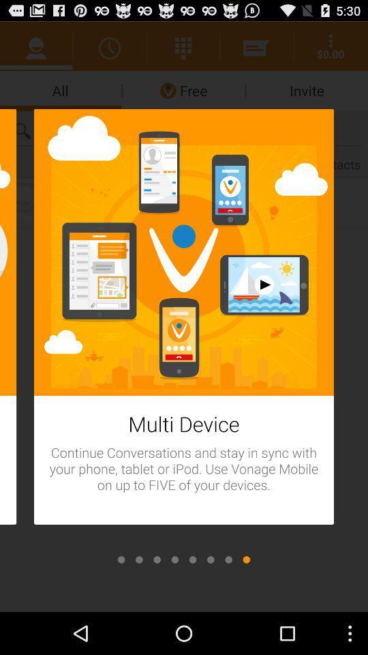  I want to click on page 4, so click(174, 559).